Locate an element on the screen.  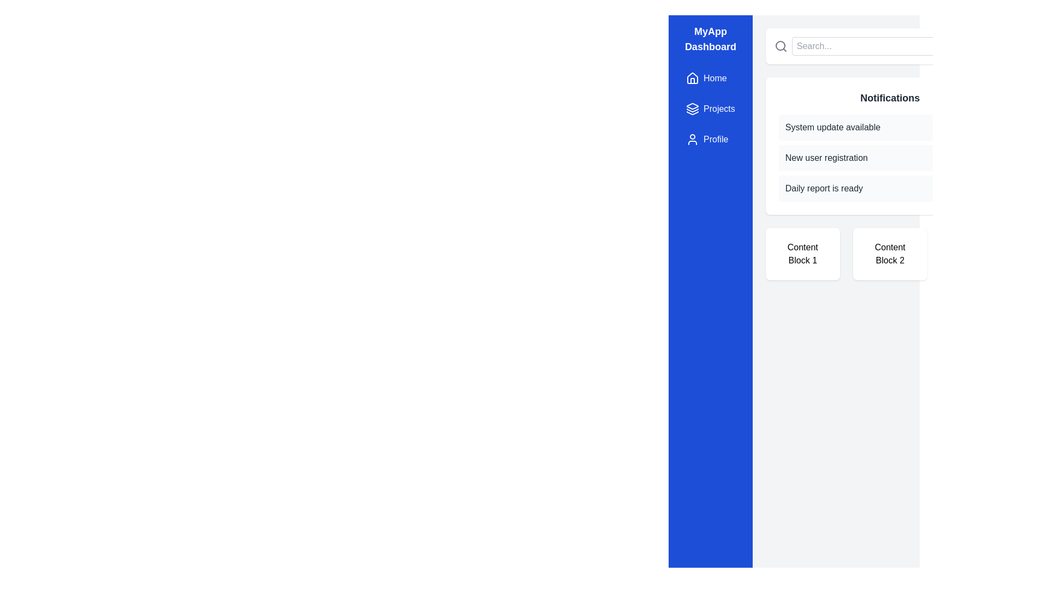
the 'MyApp Dashboard' label, which is styled in bold and large font and located at the top of the blue sidebar section is located at coordinates (710, 39).